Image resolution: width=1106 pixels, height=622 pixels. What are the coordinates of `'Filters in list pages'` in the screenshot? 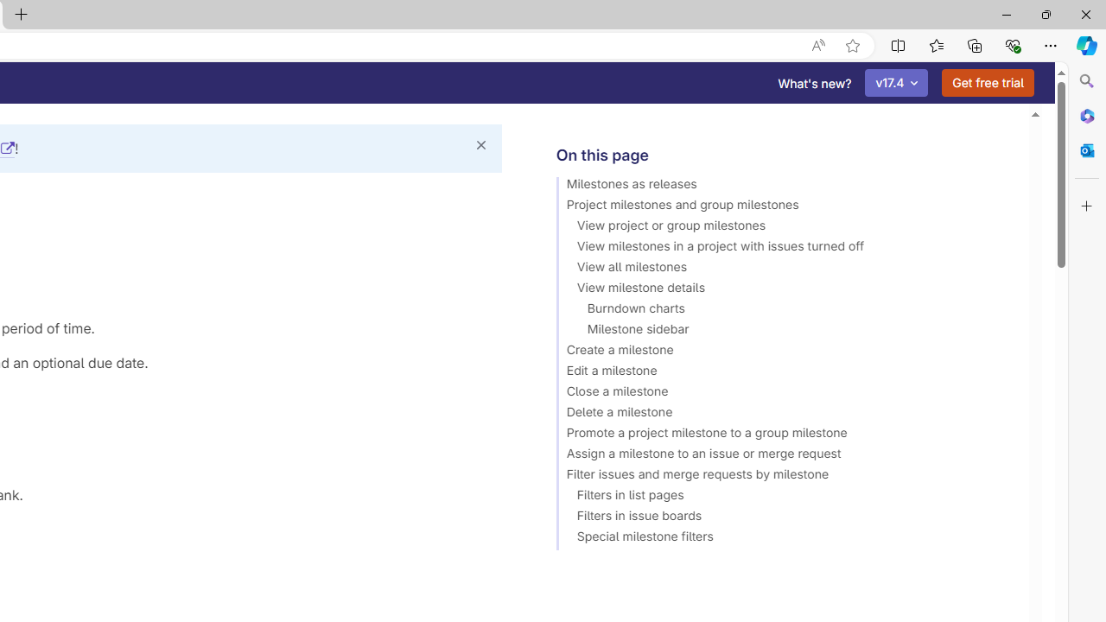 It's located at (784, 498).